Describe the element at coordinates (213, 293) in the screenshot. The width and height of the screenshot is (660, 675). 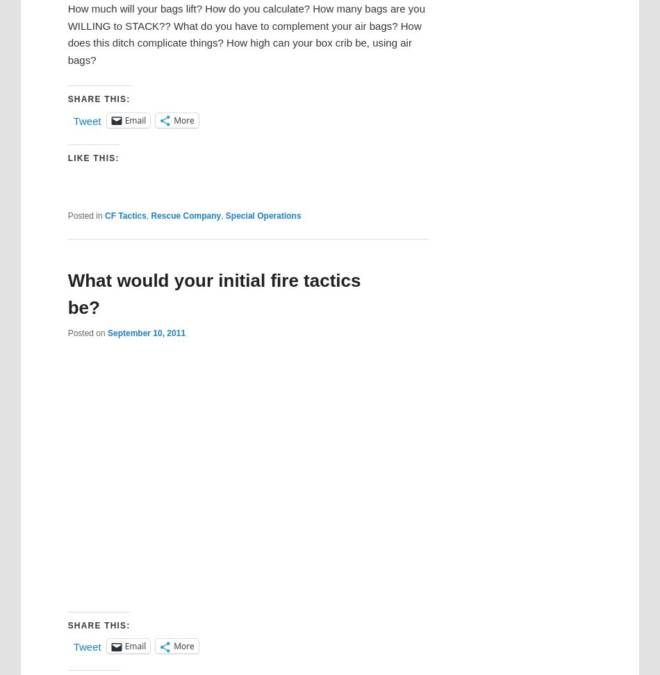
I see `'What would your initial fire tactics be?'` at that location.